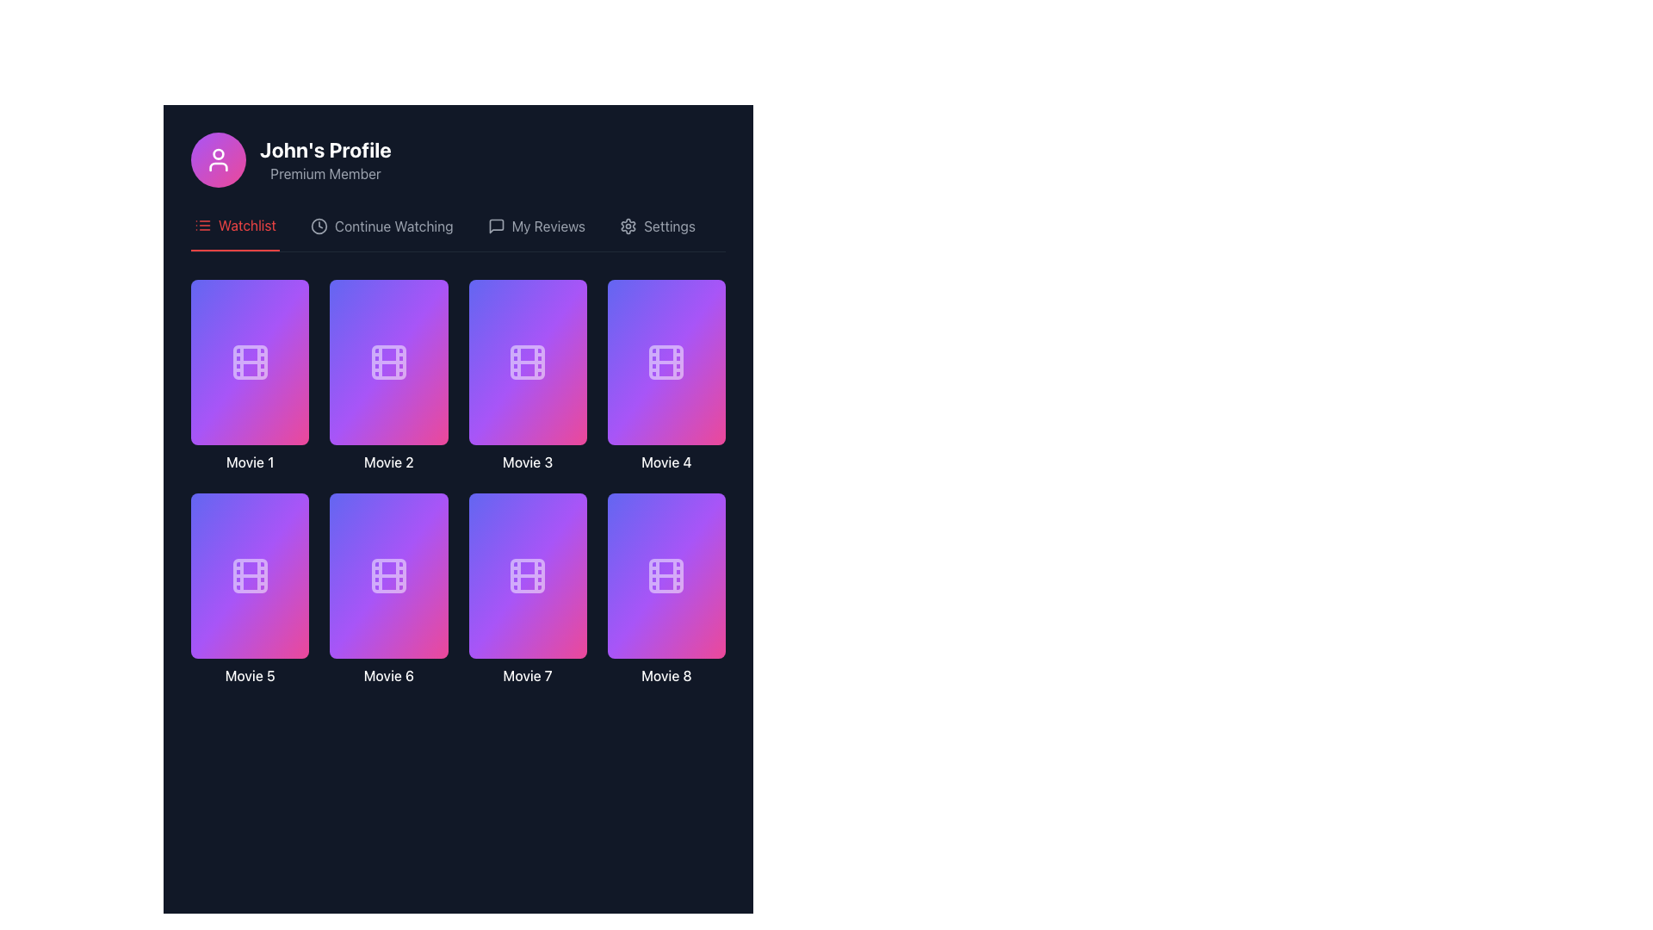 This screenshot has width=1653, height=930. I want to click on the play button for 'Movie 6' to trigger hover effects, so click(387, 589).